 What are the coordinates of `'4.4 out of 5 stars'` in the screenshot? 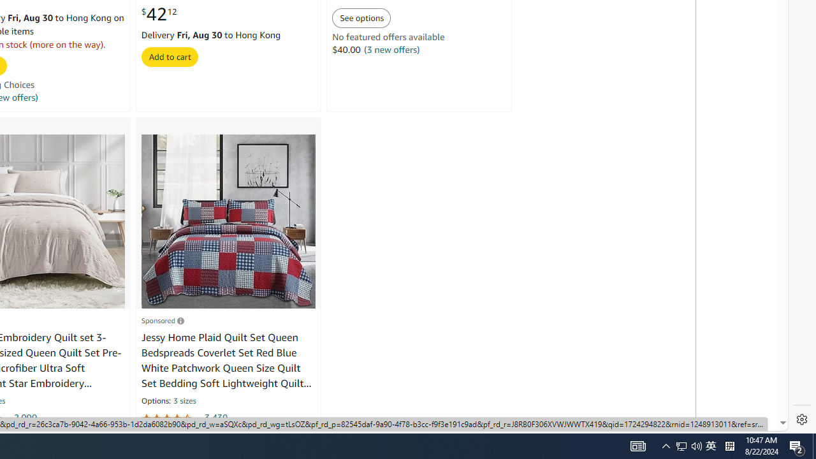 It's located at (171, 418).